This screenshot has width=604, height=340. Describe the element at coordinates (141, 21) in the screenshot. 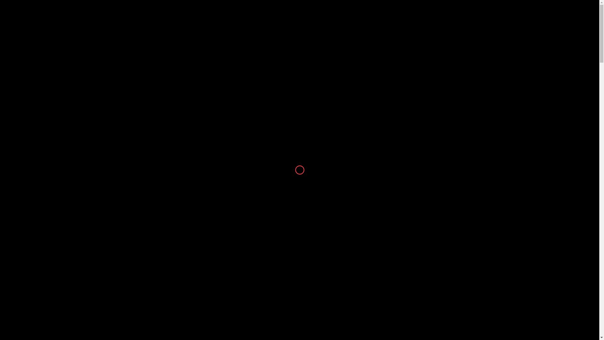

I see `'MEN'` at that location.